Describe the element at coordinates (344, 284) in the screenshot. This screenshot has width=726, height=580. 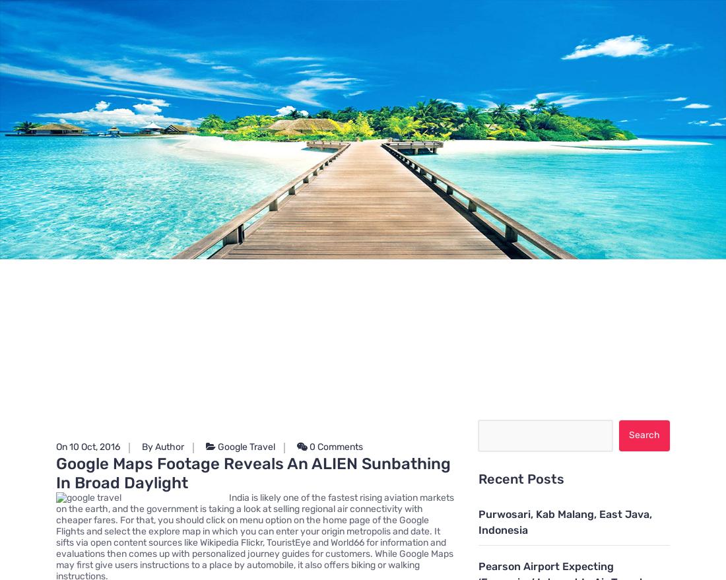
I see `'Related About Travel'` at that location.